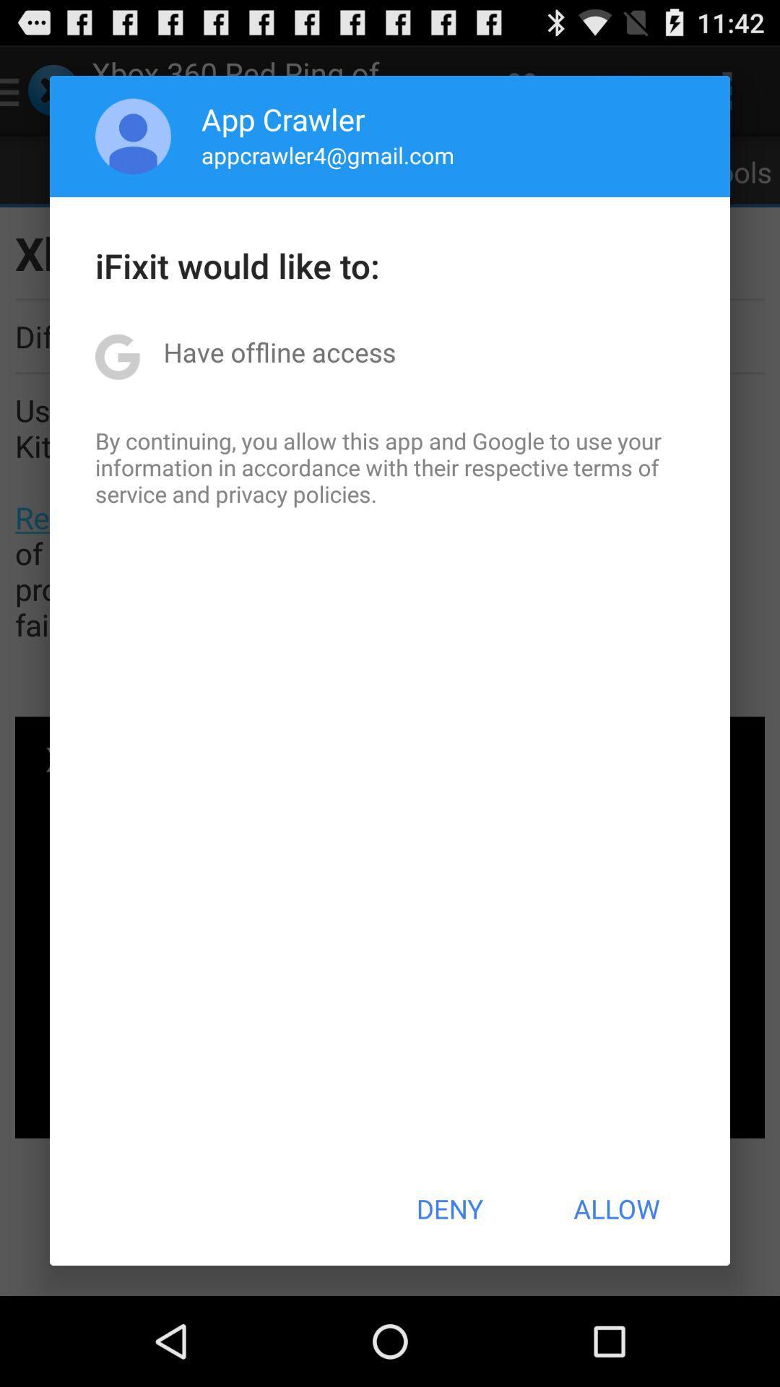 This screenshot has width=780, height=1387. What do you see at coordinates (448, 1209) in the screenshot?
I see `the deny` at bounding box center [448, 1209].